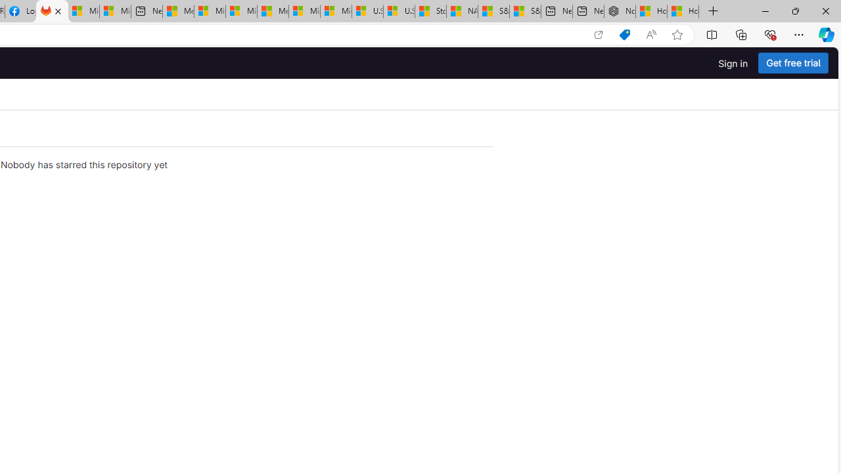  I want to click on 'Read aloud this page (Ctrl+Shift+U)', so click(651, 34).